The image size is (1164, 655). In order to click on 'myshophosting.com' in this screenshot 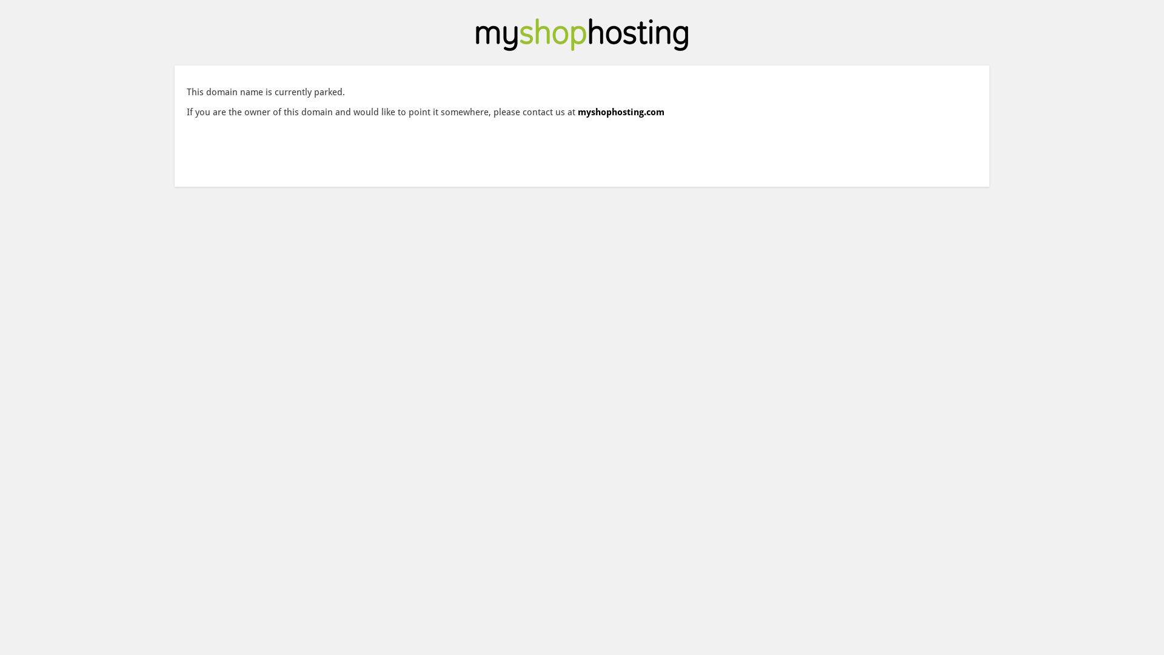, I will do `click(577, 112)`.